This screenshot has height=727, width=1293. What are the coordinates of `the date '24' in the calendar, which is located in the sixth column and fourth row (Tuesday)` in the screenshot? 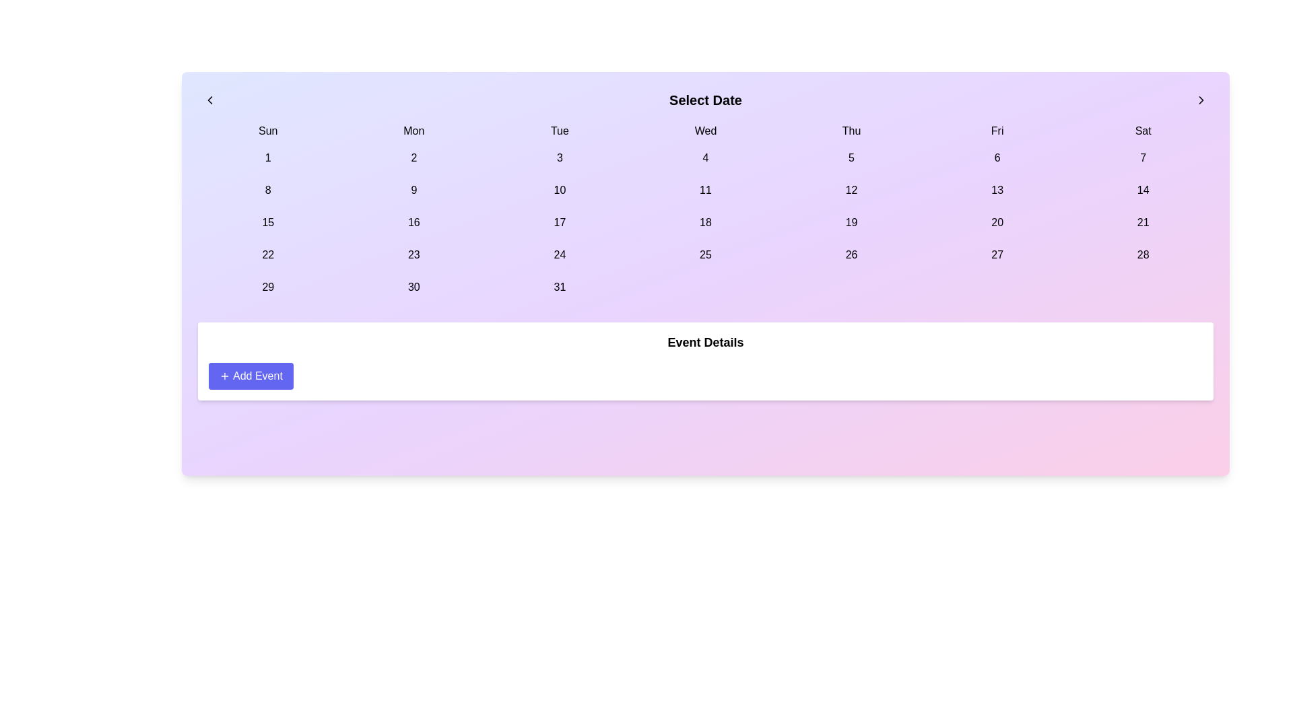 It's located at (560, 254).